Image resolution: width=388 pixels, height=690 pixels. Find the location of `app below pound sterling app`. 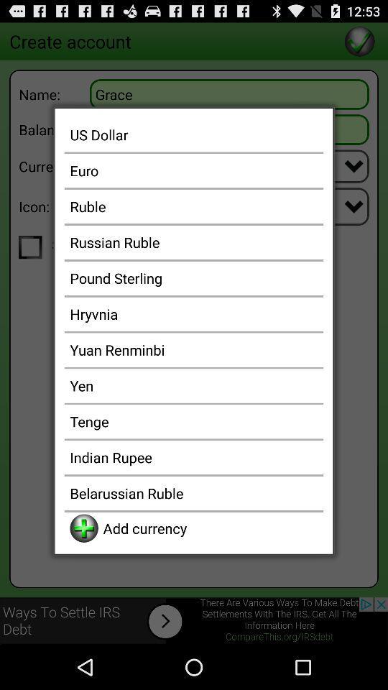

app below pound sterling app is located at coordinates (194, 314).